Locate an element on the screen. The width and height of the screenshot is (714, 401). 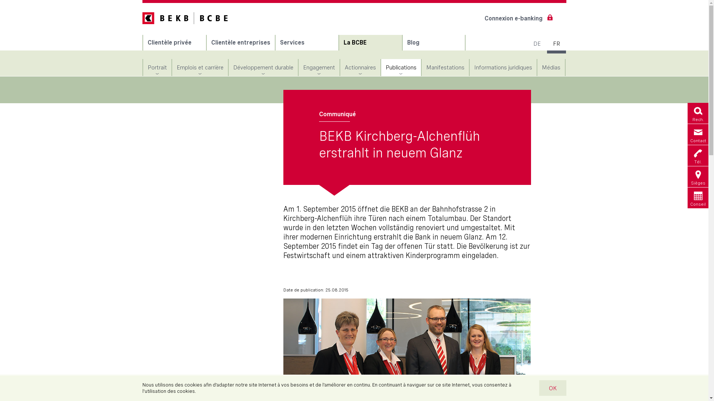
'Engagement' is located at coordinates (319, 67).